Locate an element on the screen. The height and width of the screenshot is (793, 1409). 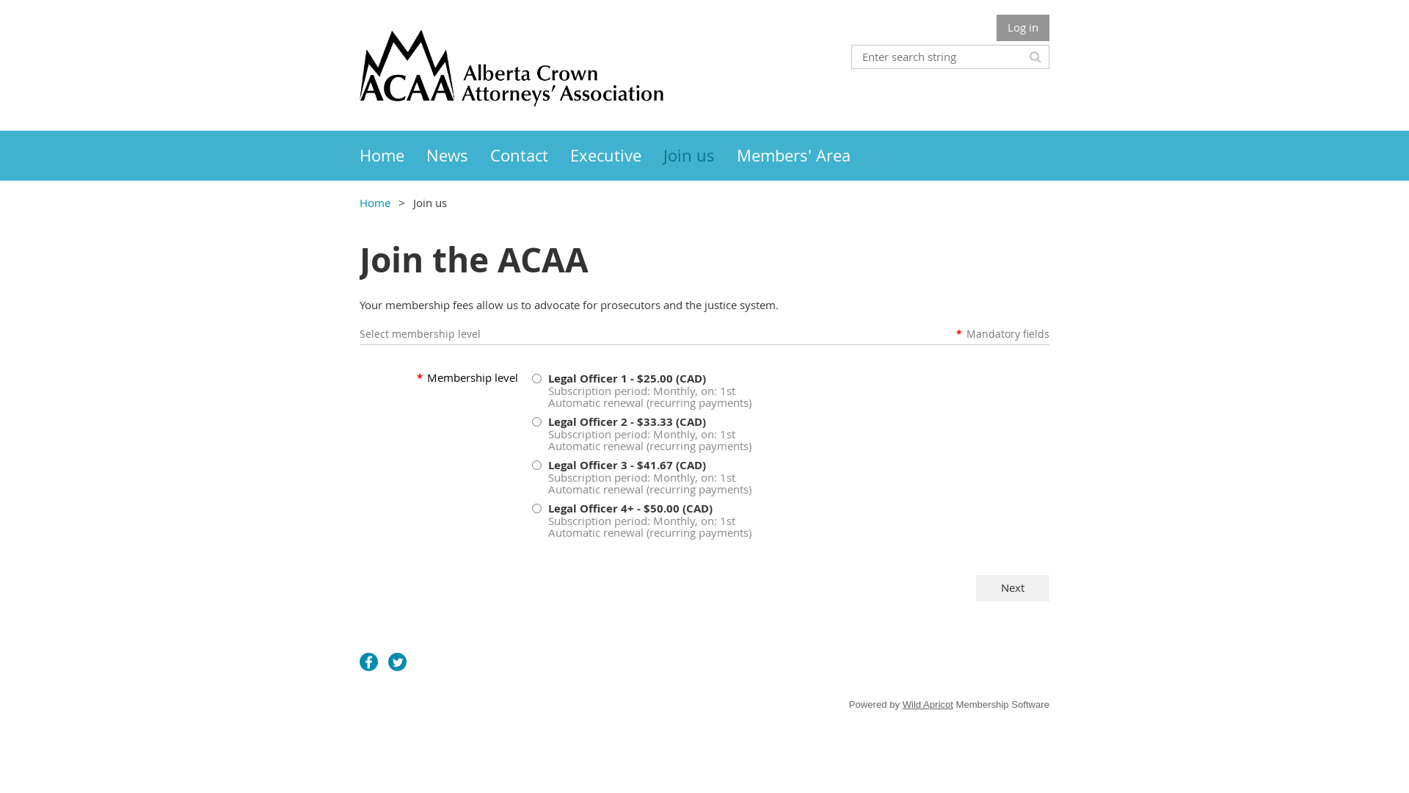
'Facebook' is located at coordinates (368, 662).